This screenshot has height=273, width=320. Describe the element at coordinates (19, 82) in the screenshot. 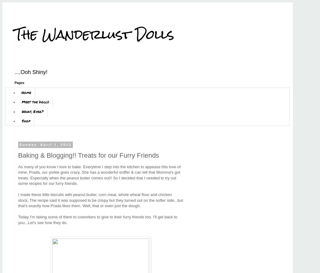

I see `'Pages'` at that location.